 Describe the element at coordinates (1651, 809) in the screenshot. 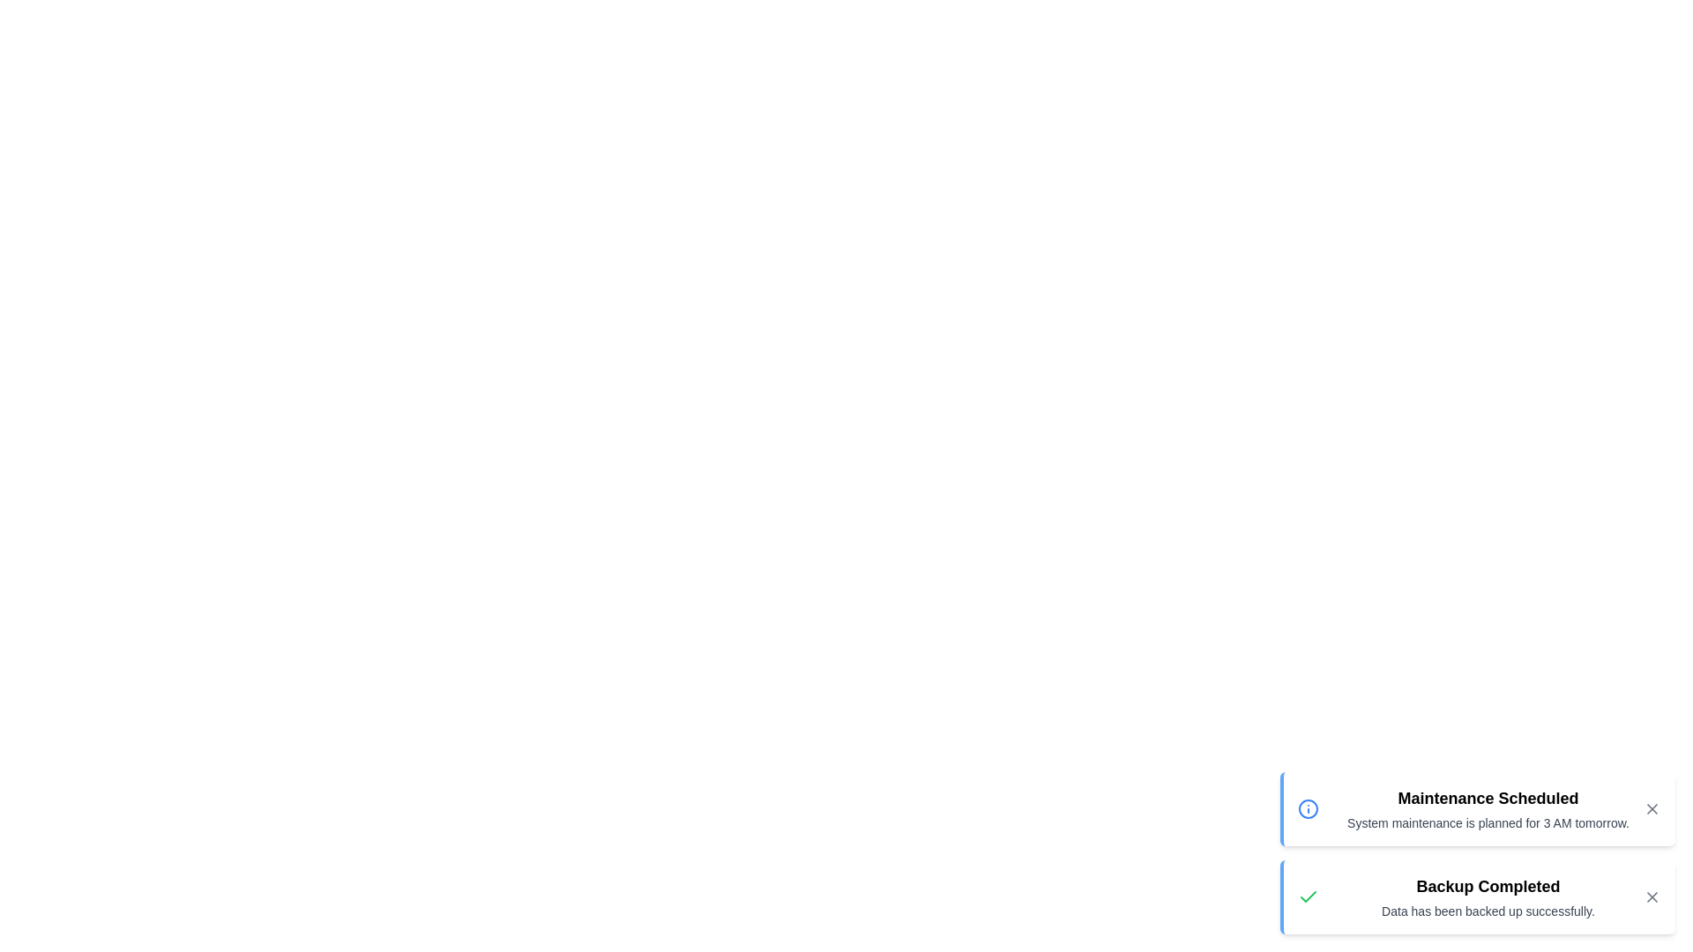

I see `the 'X' button of the notification with the title Maintenance Scheduled to close it` at that location.